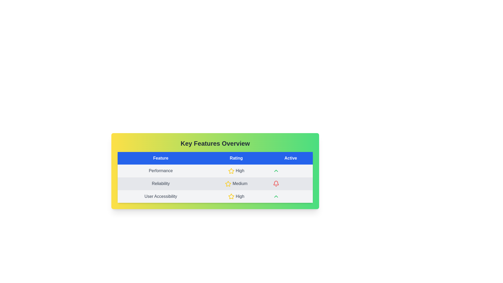  I want to click on the activation status icon for the 'Performance' feature located in the first row under the 'Active' column of the 'Key Features Overview' table, so click(276, 171).